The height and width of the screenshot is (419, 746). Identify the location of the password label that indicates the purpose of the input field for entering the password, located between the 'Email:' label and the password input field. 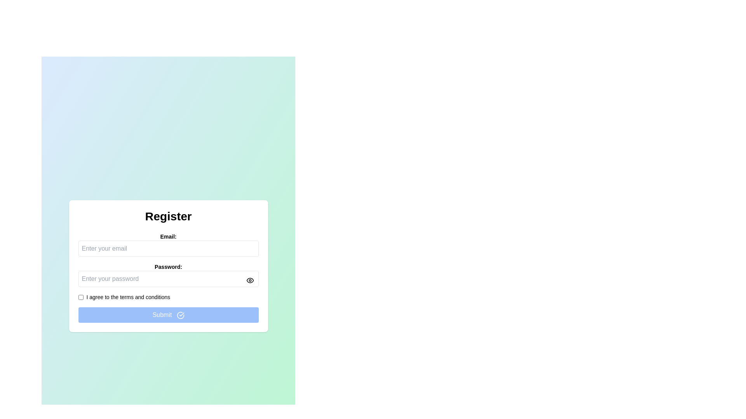
(168, 266).